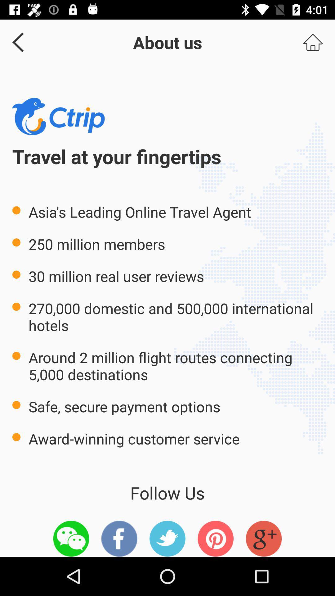 This screenshot has height=596, width=335. What do you see at coordinates (313, 42) in the screenshot?
I see `takes user to homepage` at bounding box center [313, 42].